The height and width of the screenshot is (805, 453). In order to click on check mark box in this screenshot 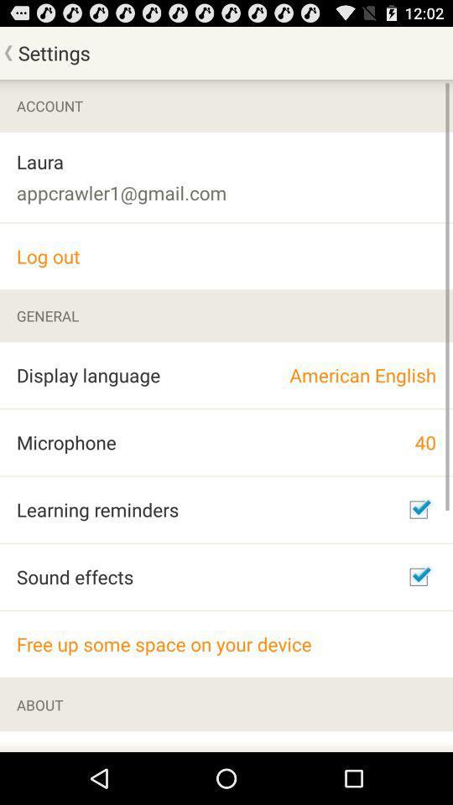, I will do `click(418, 577)`.